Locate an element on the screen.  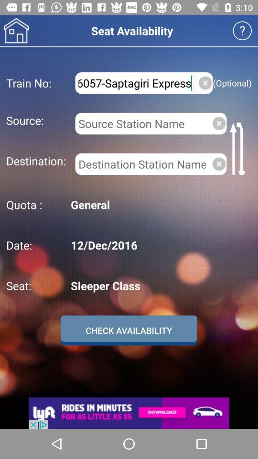
switch fields is located at coordinates (238, 148).